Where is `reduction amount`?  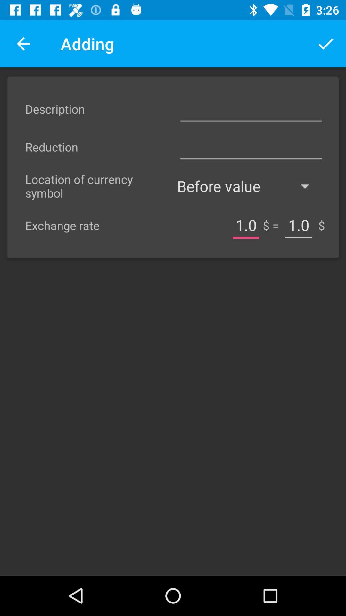 reduction amount is located at coordinates (251, 147).